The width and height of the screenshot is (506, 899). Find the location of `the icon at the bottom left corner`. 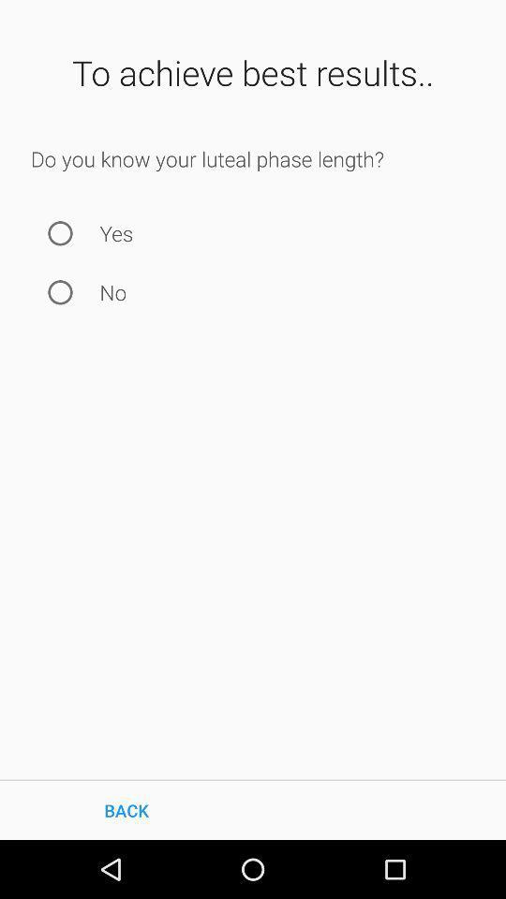

the icon at the bottom left corner is located at coordinates (126, 809).